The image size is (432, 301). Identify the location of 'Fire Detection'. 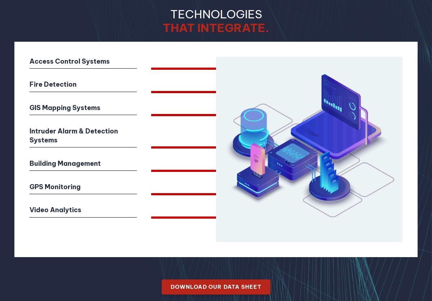
(53, 84).